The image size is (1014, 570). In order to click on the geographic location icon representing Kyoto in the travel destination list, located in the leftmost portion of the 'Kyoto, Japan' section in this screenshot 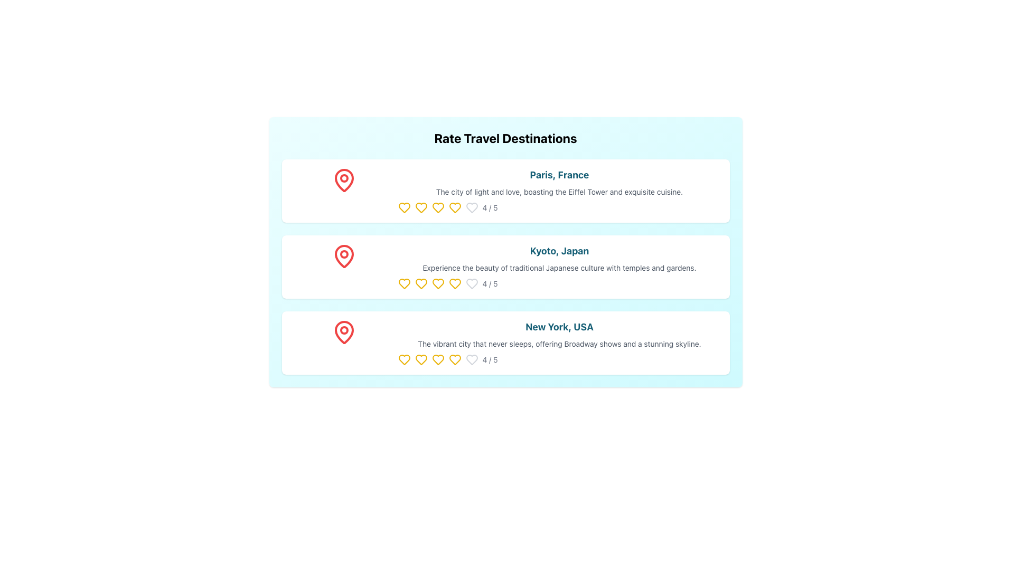, I will do `click(344, 266)`.